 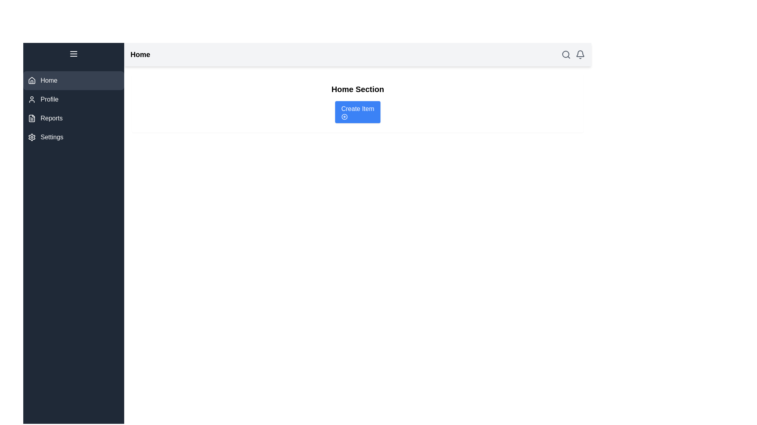 I want to click on the gear/settings icon located at the leftmost position in the 'Settings' menu option within the vertical navigation bar, so click(x=32, y=137).